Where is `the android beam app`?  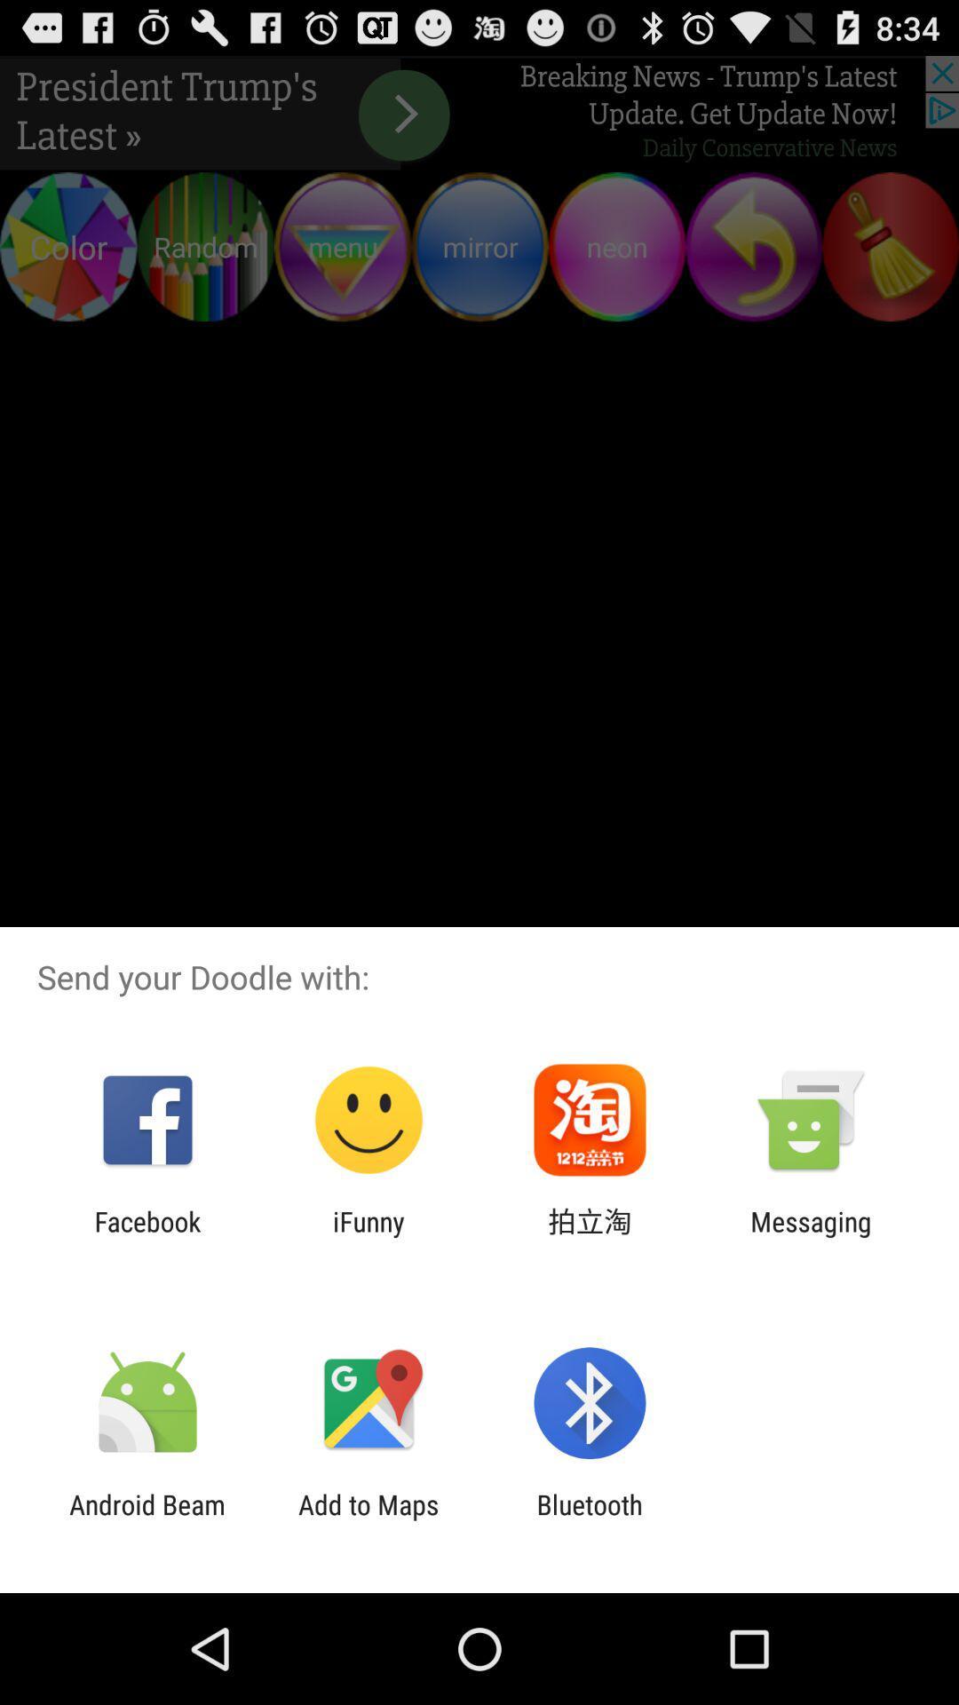
the android beam app is located at coordinates (147, 1519).